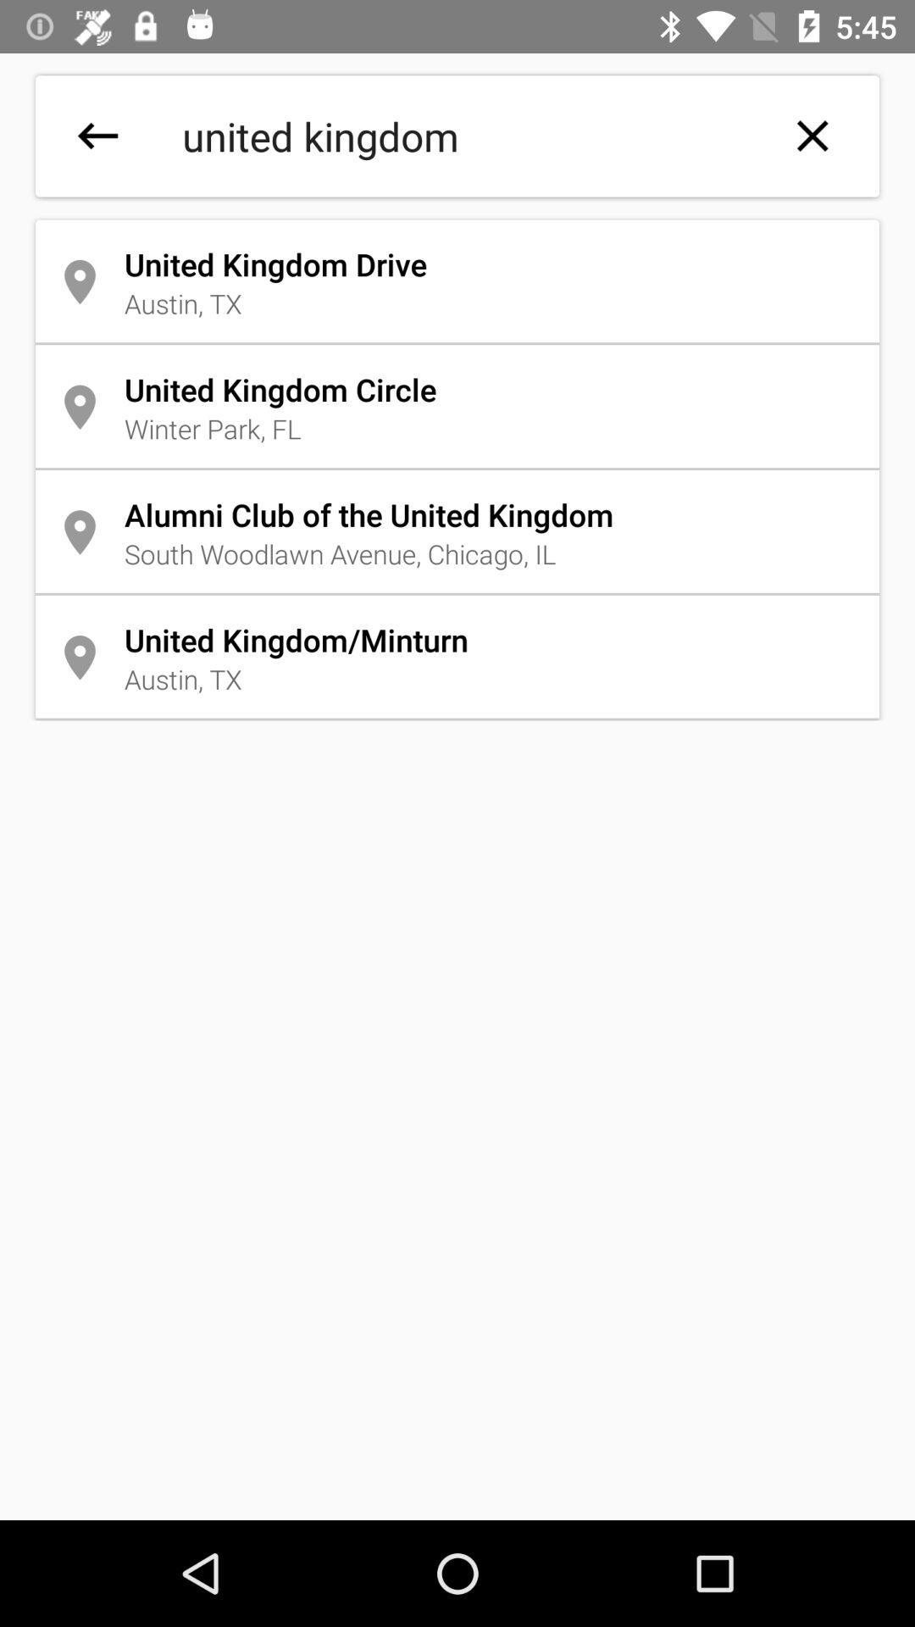 Image resolution: width=915 pixels, height=1627 pixels. I want to click on previouse, so click(97, 136).